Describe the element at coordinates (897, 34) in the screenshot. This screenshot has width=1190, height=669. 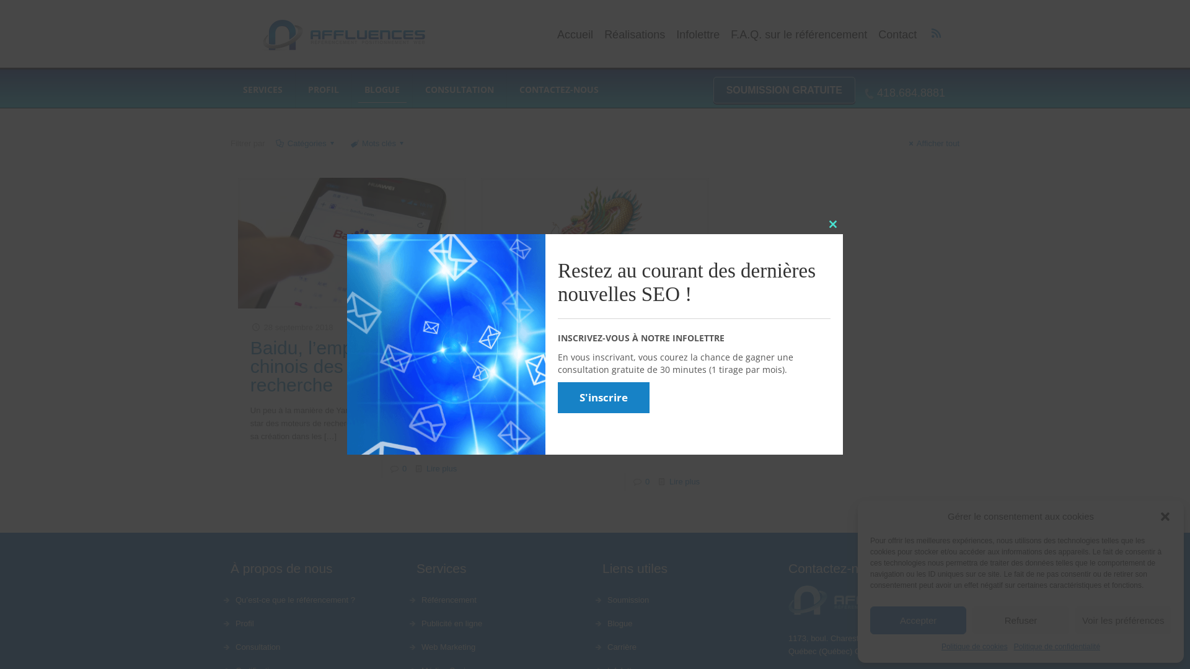
I see `'Contact'` at that location.